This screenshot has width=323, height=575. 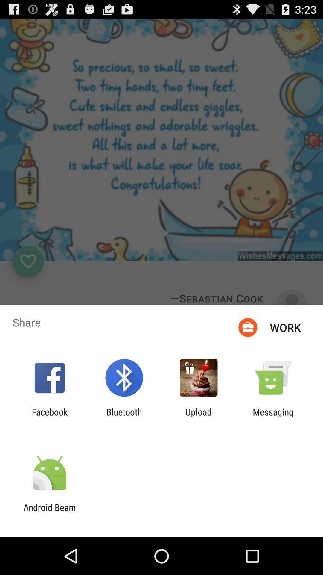 I want to click on the app next to the facebook item, so click(x=124, y=417).